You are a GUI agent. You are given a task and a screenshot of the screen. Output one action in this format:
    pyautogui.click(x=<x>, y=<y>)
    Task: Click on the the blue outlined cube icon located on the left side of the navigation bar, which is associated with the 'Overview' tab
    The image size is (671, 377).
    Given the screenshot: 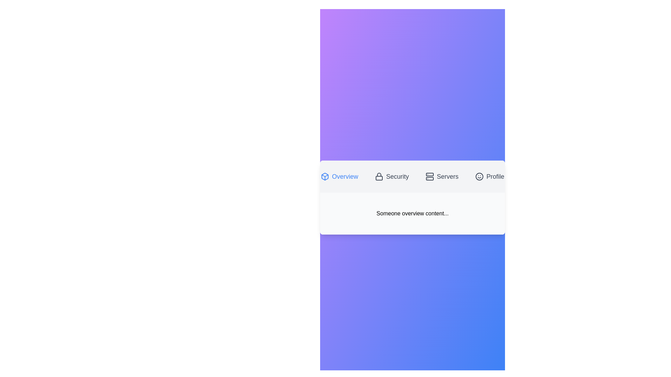 What is the action you would take?
    pyautogui.click(x=324, y=176)
    